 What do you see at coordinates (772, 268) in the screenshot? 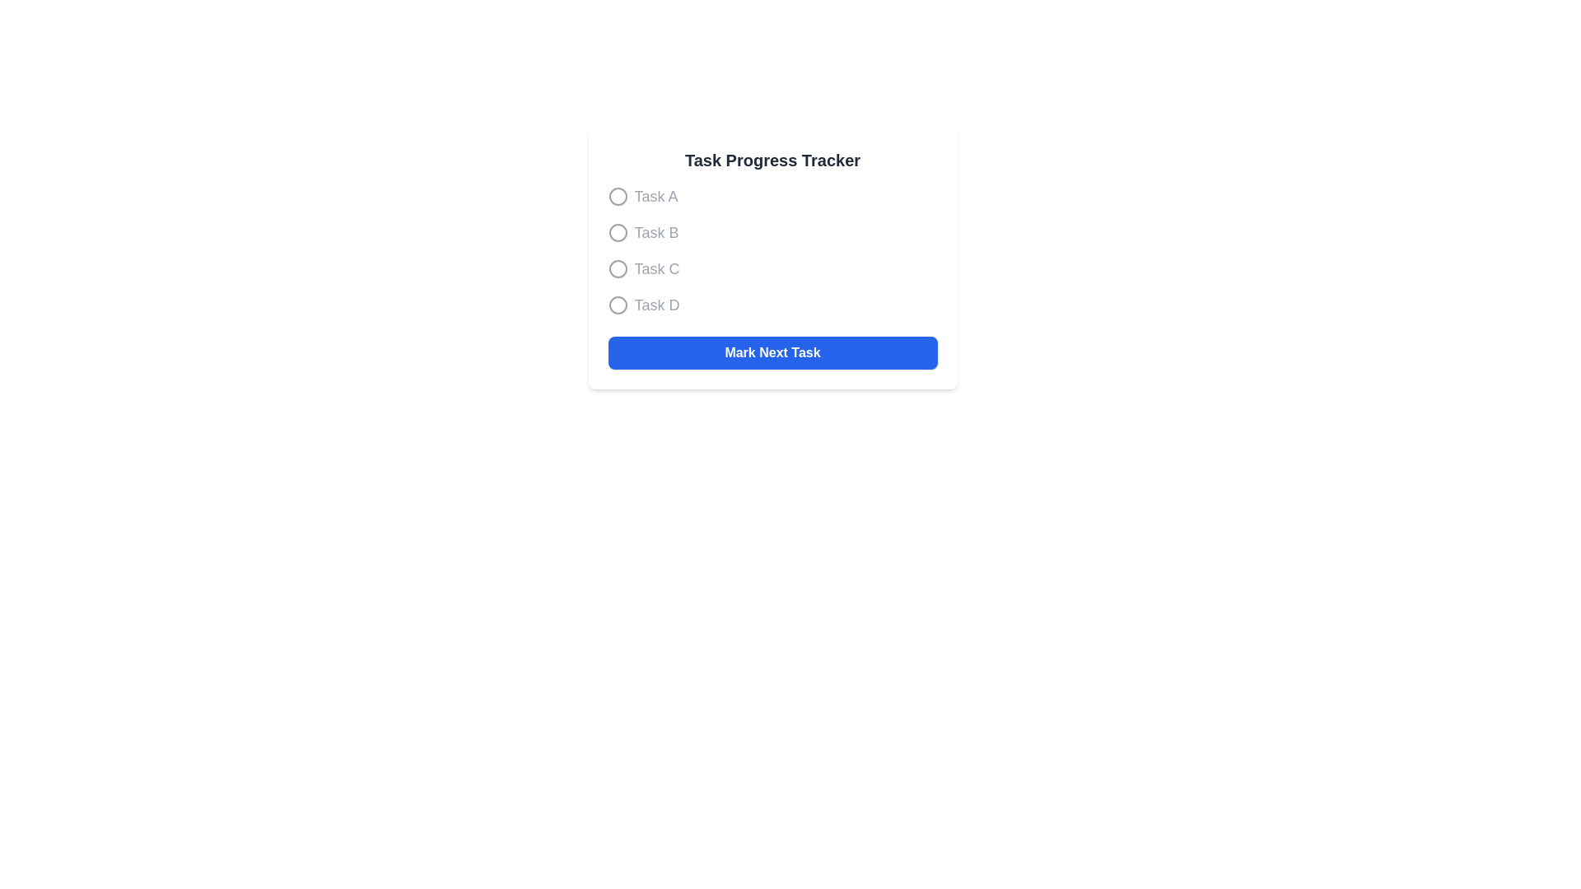
I see `the third radio button labeled 'Task C' in the 'Task Progress Tracker'` at bounding box center [772, 268].